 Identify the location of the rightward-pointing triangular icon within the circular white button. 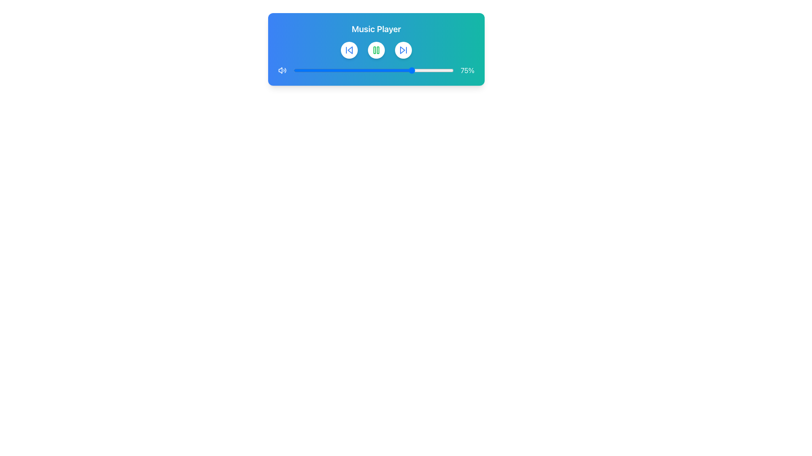
(403, 50).